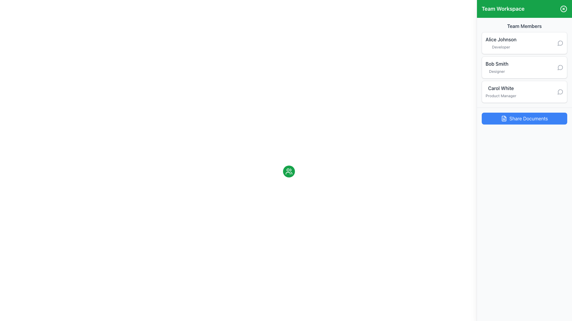  Describe the element at coordinates (524, 67) in the screenshot. I see `the Profile card representing 'Bob Smith' in the 'Team Members' section of the 'Team Workspace' panel` at that location.